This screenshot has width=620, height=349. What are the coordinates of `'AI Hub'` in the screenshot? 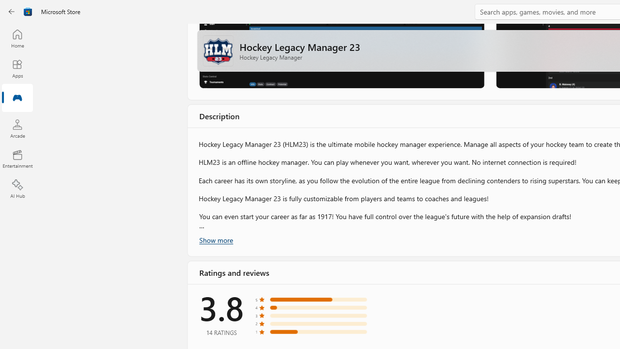 It's located at (17, 189).